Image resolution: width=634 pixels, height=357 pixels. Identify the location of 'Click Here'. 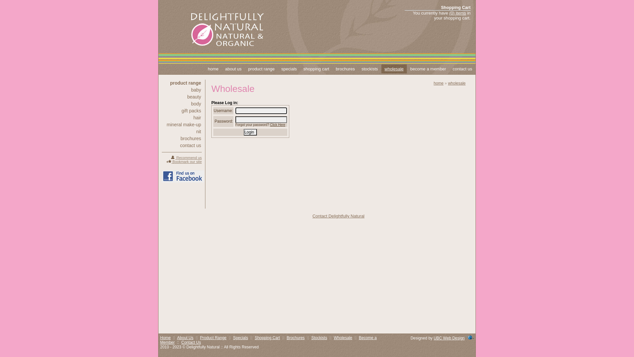
(277, 125).